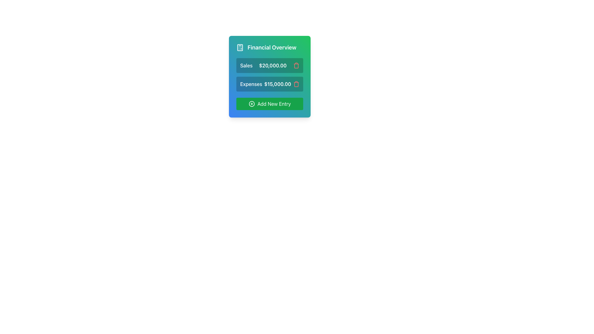  I want to click on the button with a bright green background and a plus sign icon, labeled 'Add New Entry', to observe its visual feedback, so click(270, 103).